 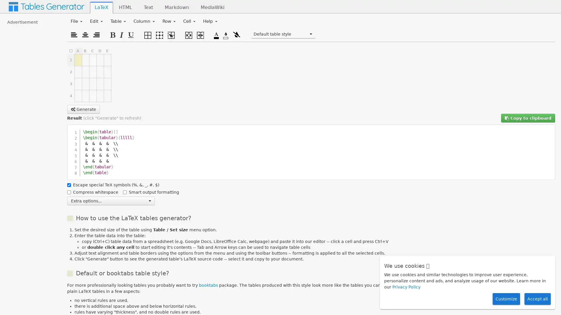 What do you see at coordinates (144, 21) in the screenshot?
I see `Column` at bounding box center [144, 21].